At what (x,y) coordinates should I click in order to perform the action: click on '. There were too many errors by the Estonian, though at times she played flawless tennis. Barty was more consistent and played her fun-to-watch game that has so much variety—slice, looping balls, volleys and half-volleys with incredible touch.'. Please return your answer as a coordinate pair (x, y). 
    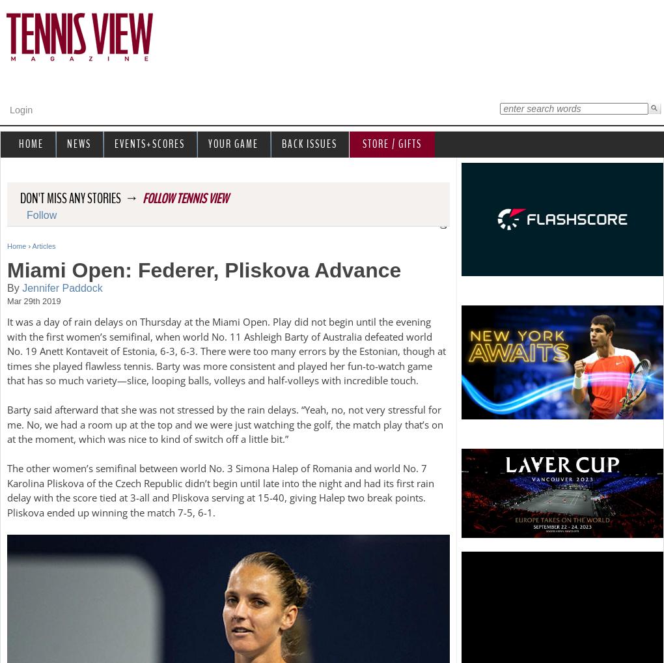
    Looking at the image, I should click on (226, 365).